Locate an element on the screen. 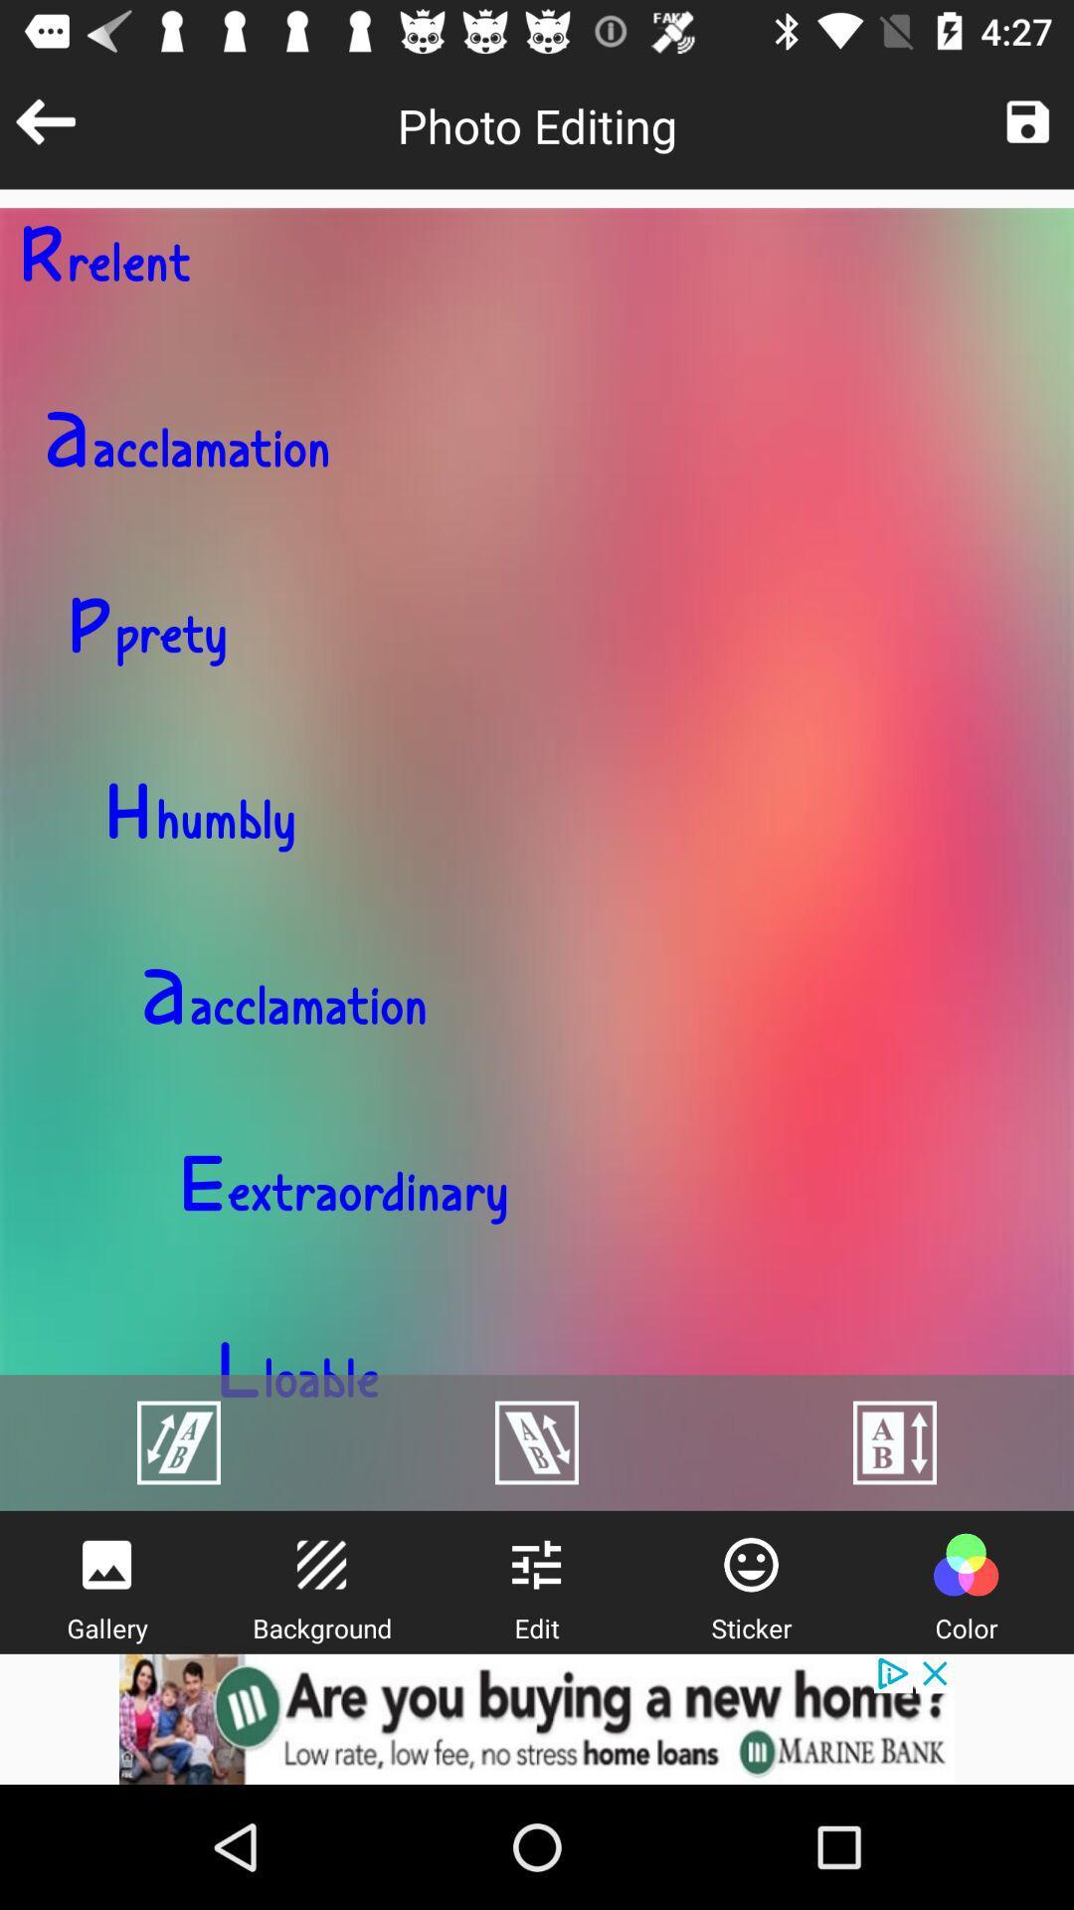 Image resolution: width=1074 pixels, height=1910 pixels. change text color is located at coordinates (965, 1564).